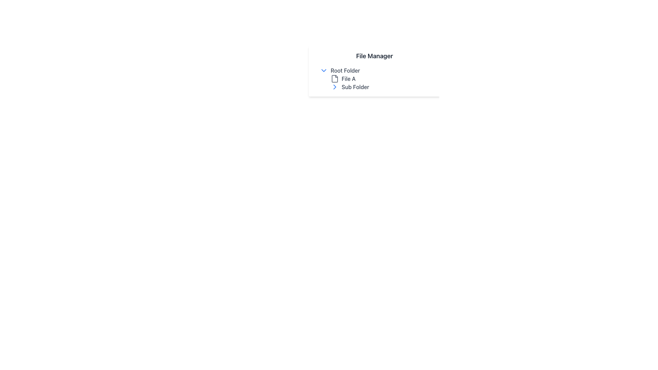  I want to click on text from the 'File Manager' label which is prominently displayed in bold at the top of the white pane above the file list, so click(374, 56).